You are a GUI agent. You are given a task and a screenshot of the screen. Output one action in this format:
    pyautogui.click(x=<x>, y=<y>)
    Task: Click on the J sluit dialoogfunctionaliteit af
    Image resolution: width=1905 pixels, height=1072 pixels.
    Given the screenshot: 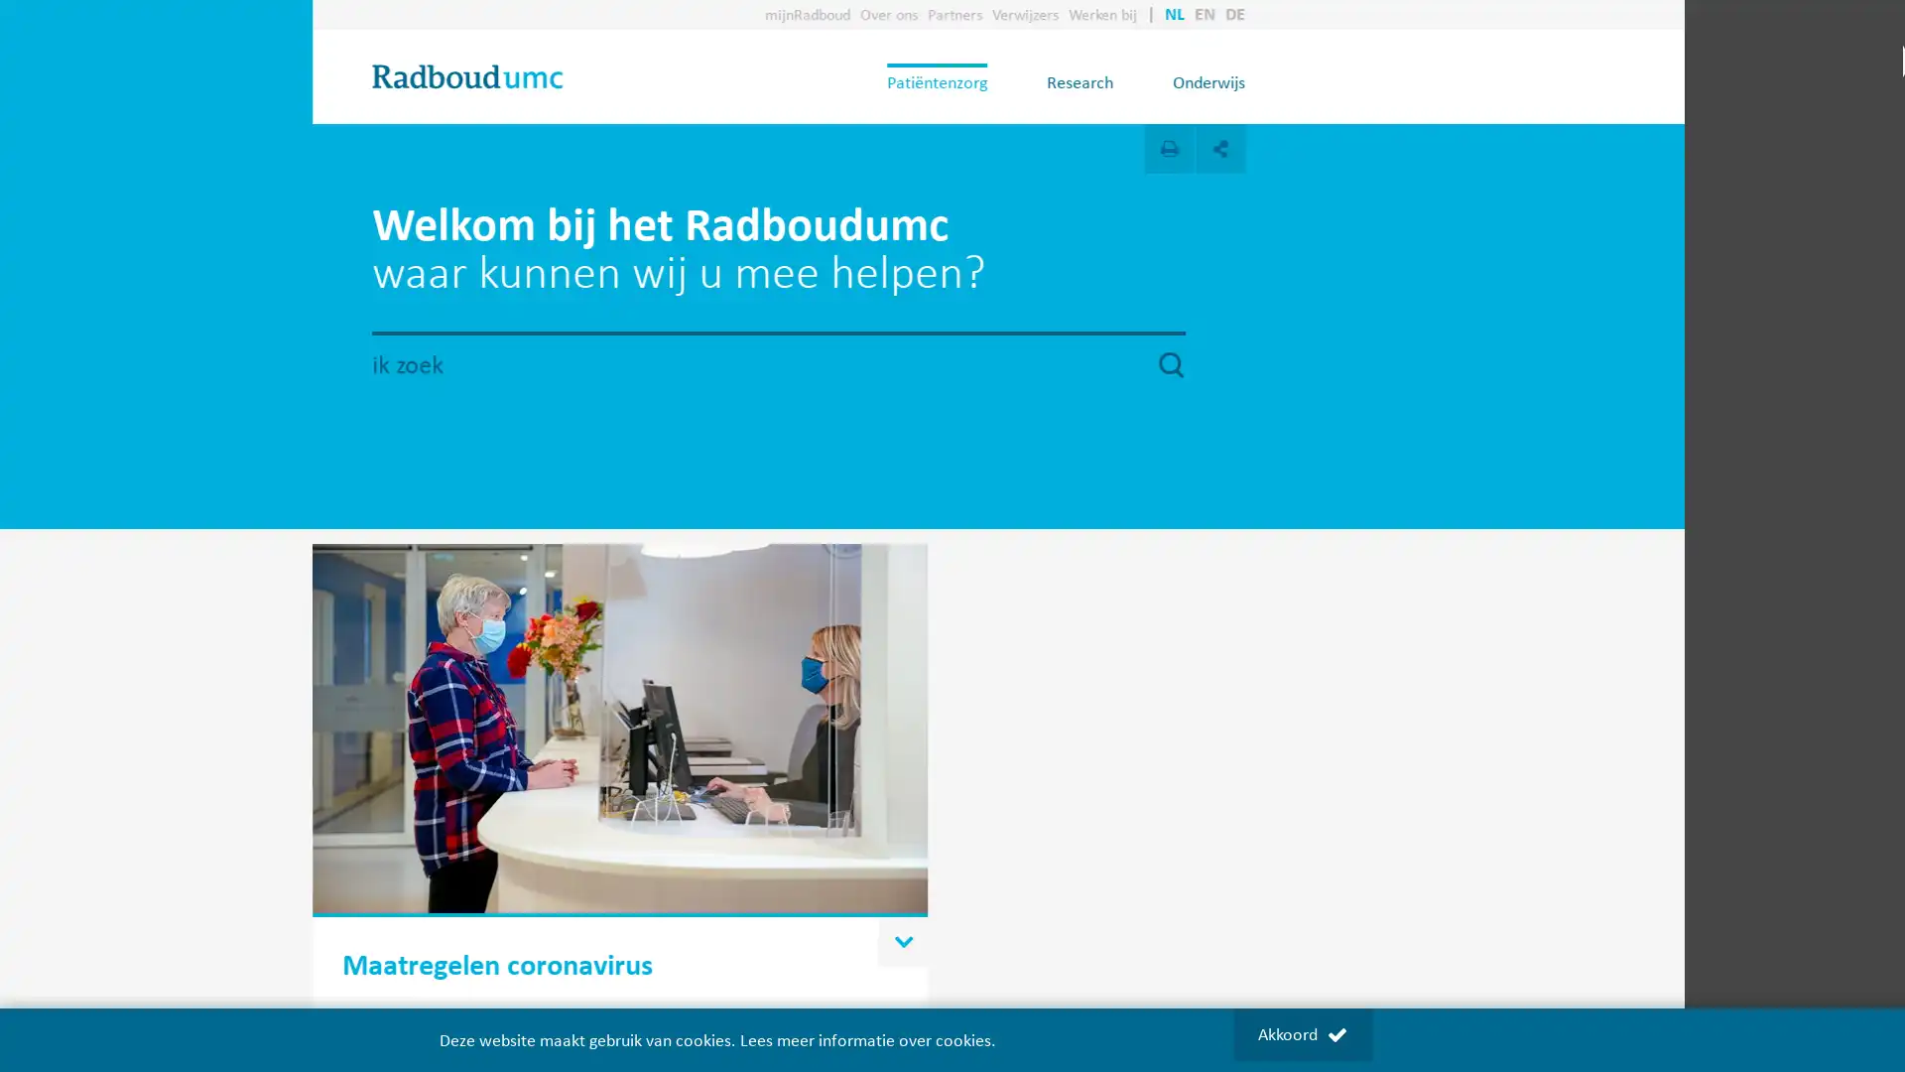 What is the action you would take?
    pyautogui.click(x=1242, y=129)
    